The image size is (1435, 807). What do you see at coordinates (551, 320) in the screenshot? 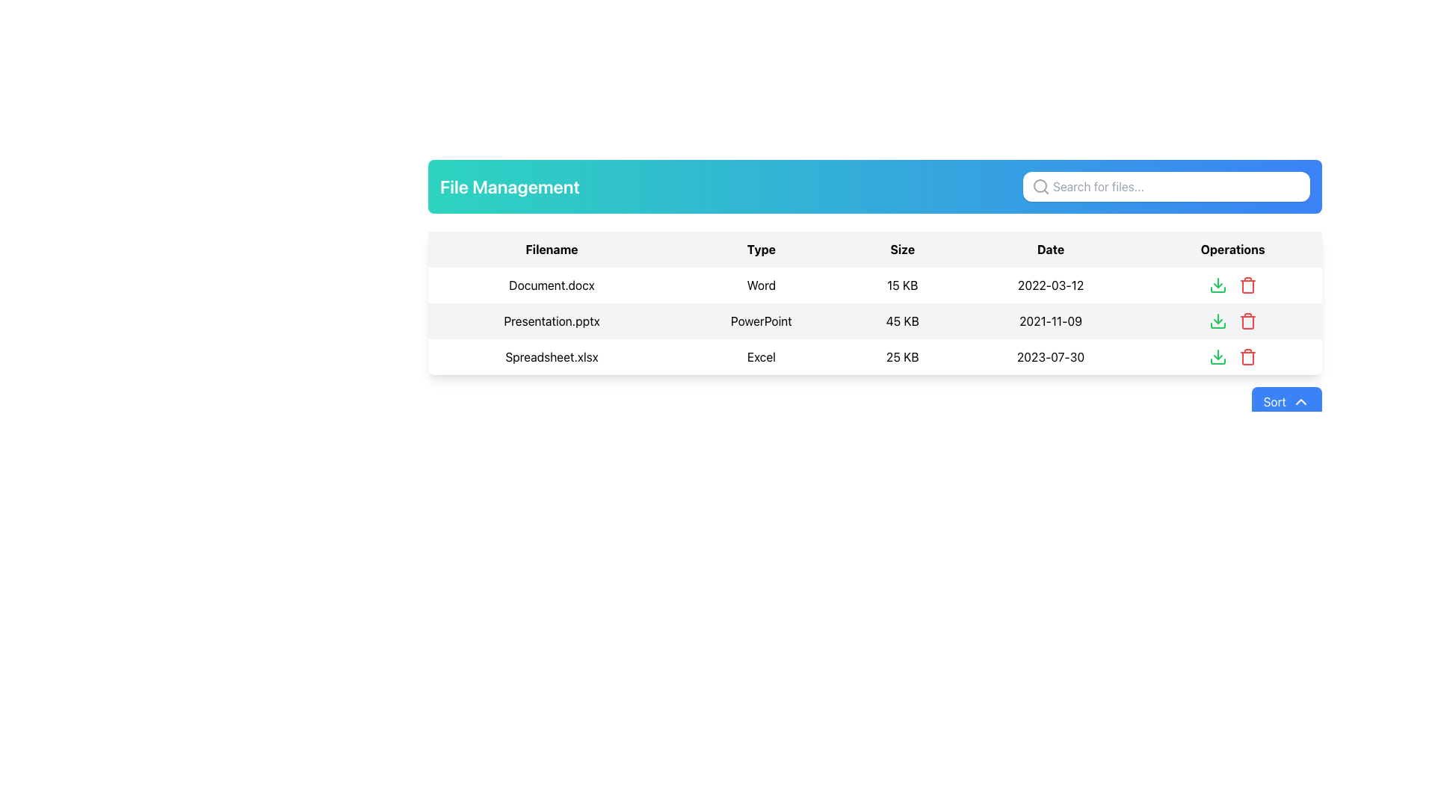
I see `the text displaying 'Presentation.pptx' which is bold and centered in the 'Filename' column of a table in a file management interface` at bounding box center [551, 320].